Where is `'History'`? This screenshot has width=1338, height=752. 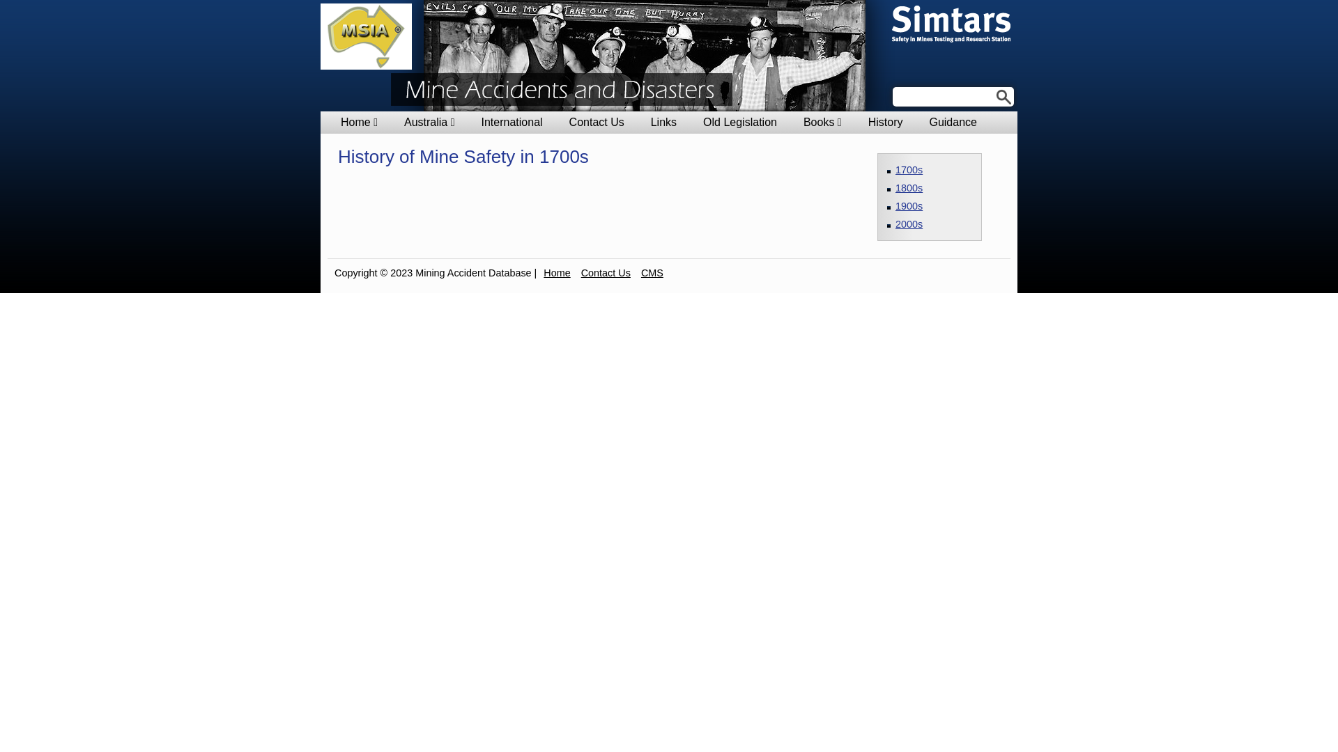
'History' is located at coordinates (868, 122).